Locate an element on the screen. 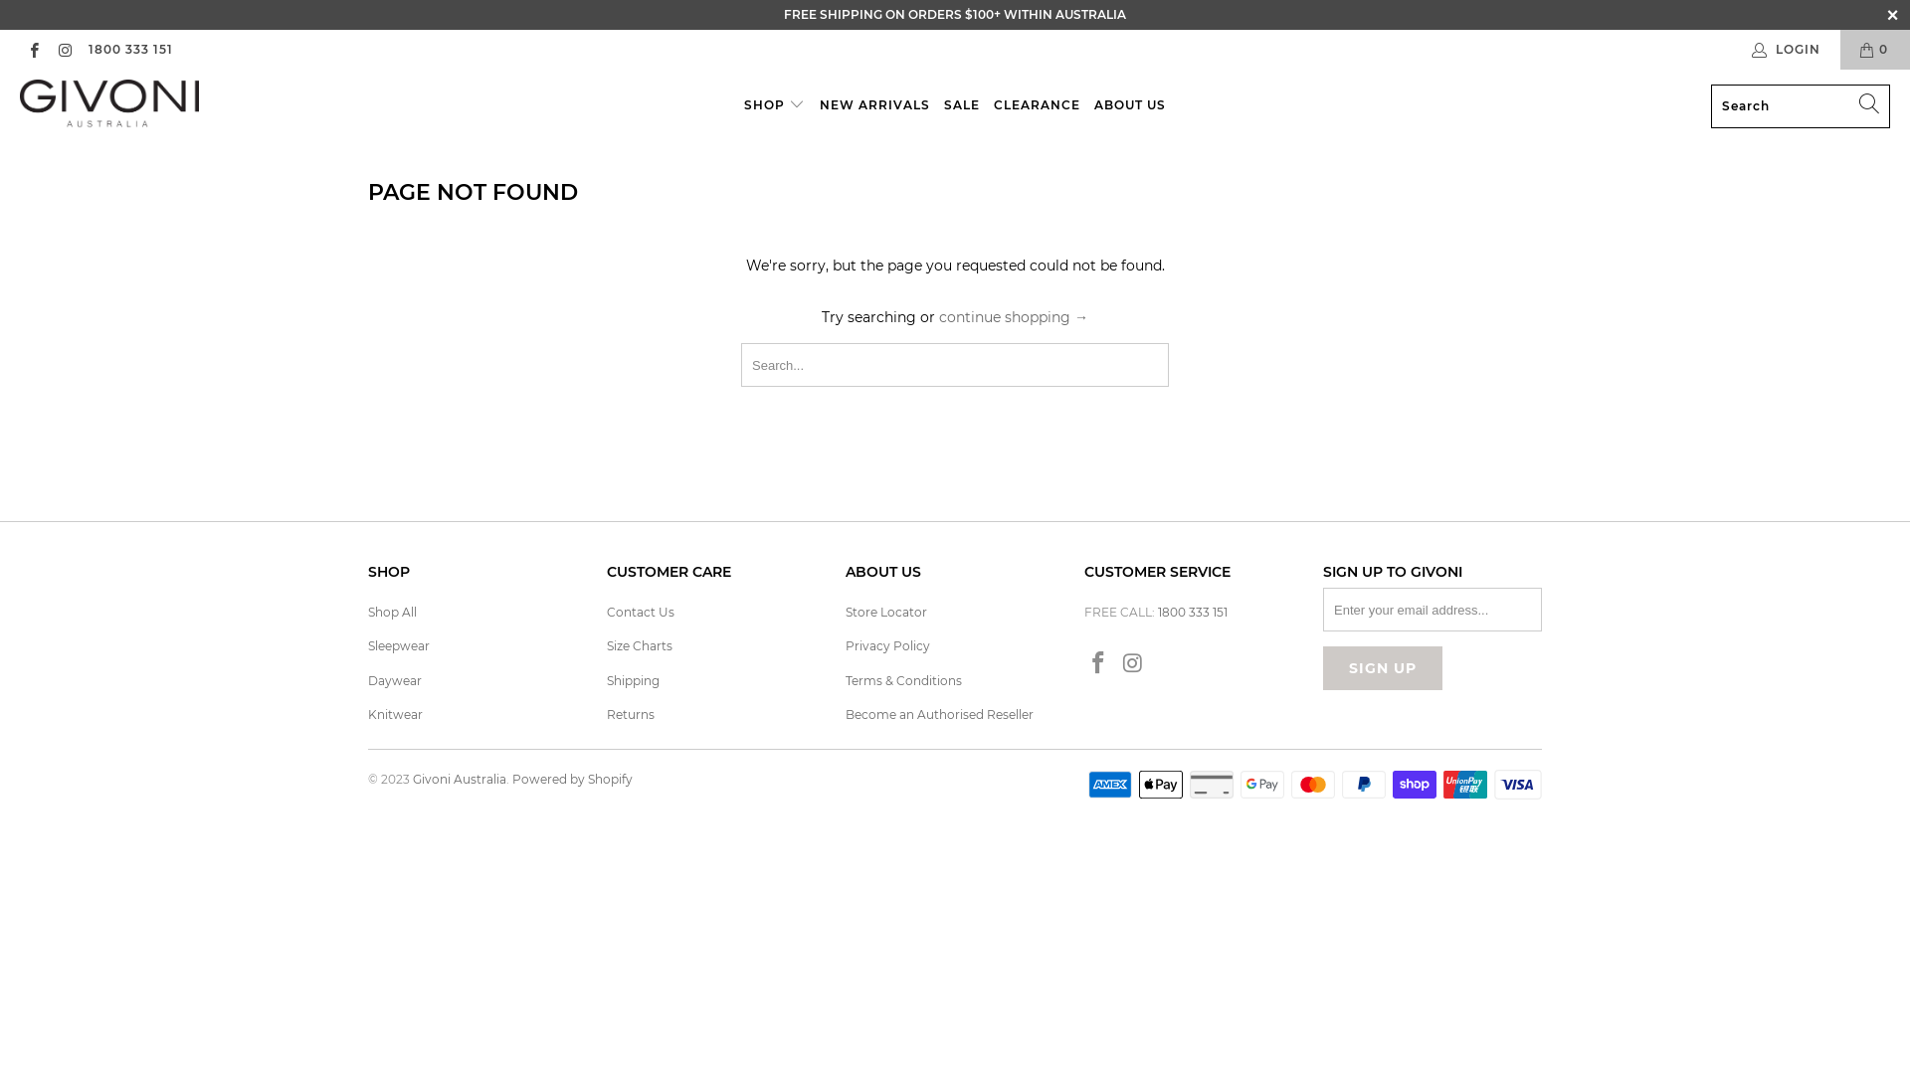 The height and width of the screenshot is (1074, 1910). 'Givoni Australia' is located at coordinates (108, 105).